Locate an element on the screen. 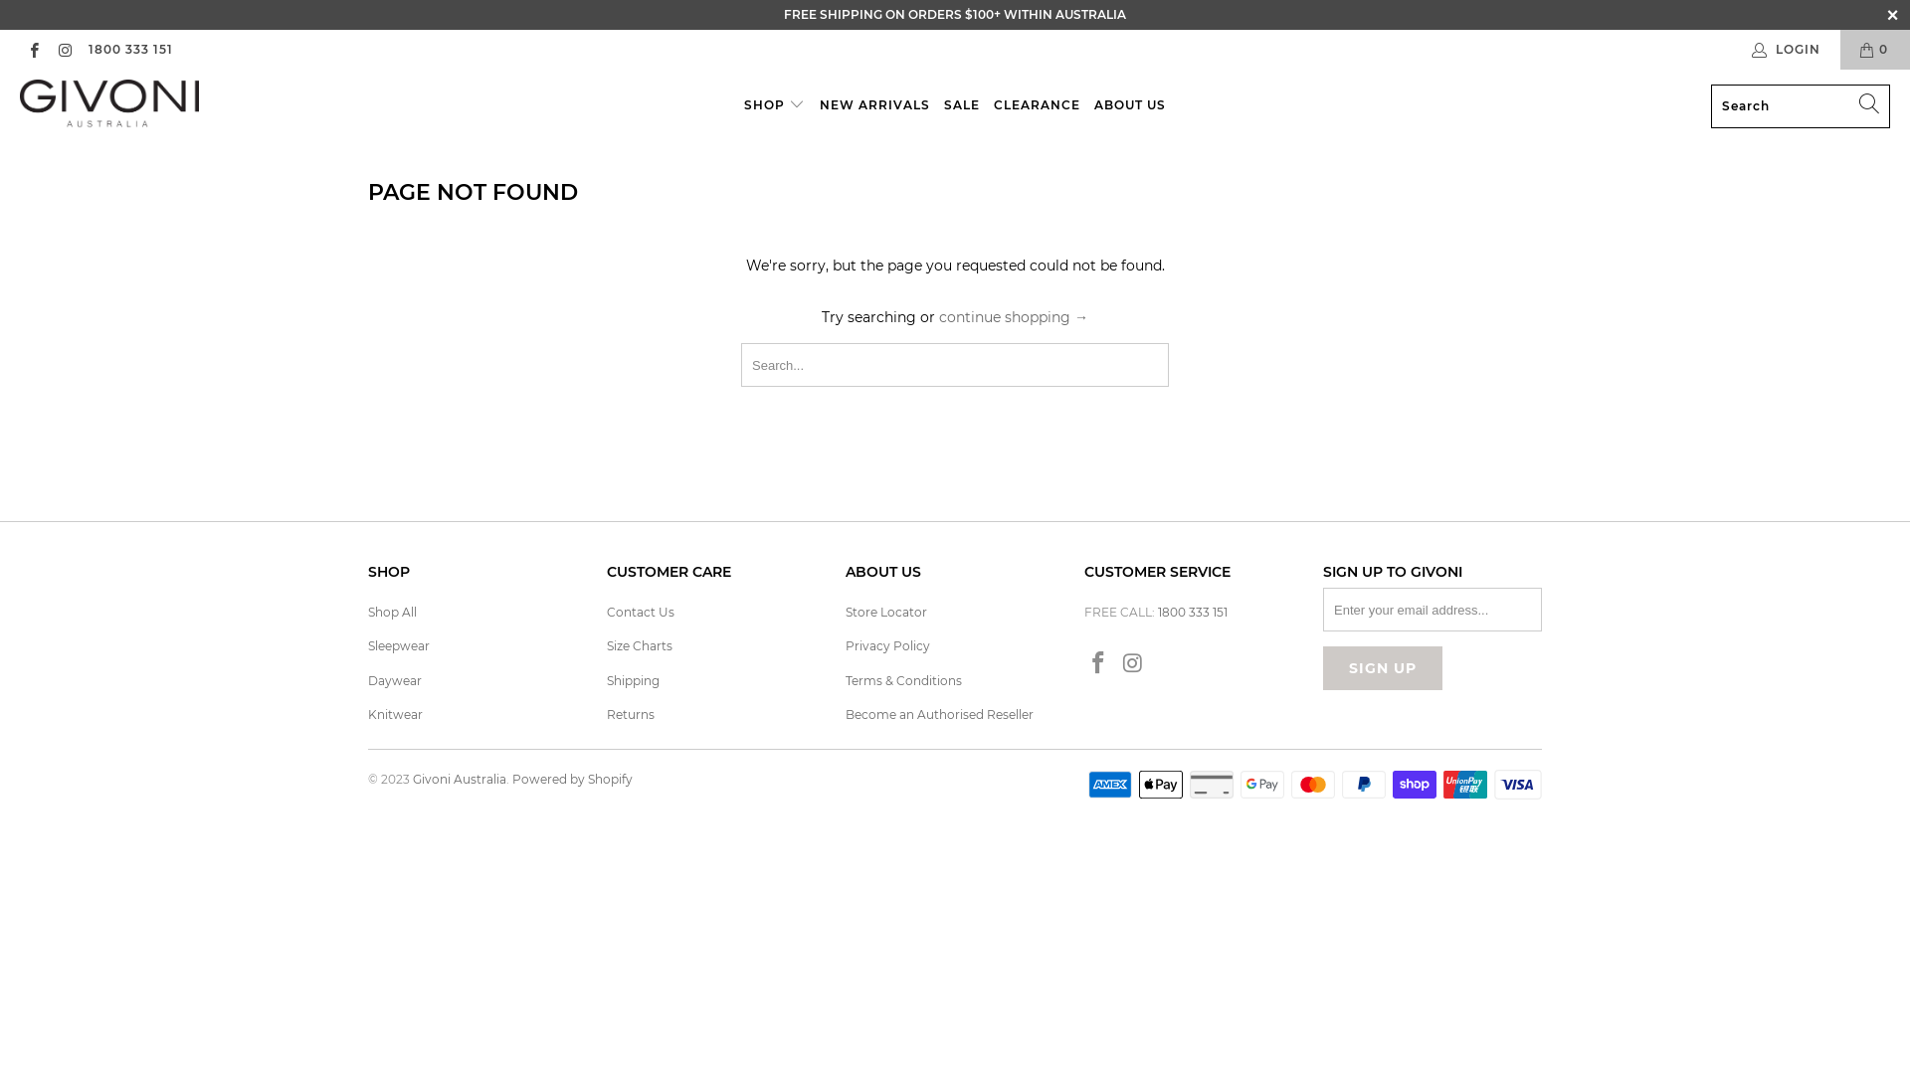 The height and width of the screenshot is (1074, 1910). 'Givoni Australia' is located at coordinates (108, 105).